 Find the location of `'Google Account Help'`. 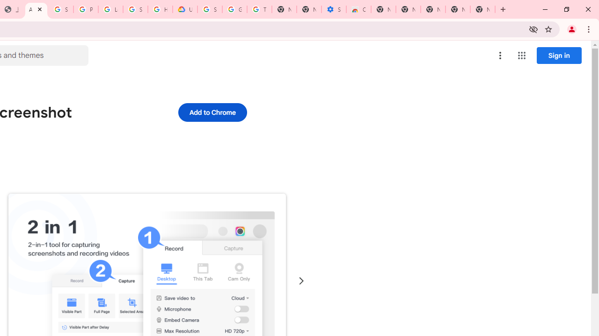

'Google Account Help' is located at coordinates (234, 9).